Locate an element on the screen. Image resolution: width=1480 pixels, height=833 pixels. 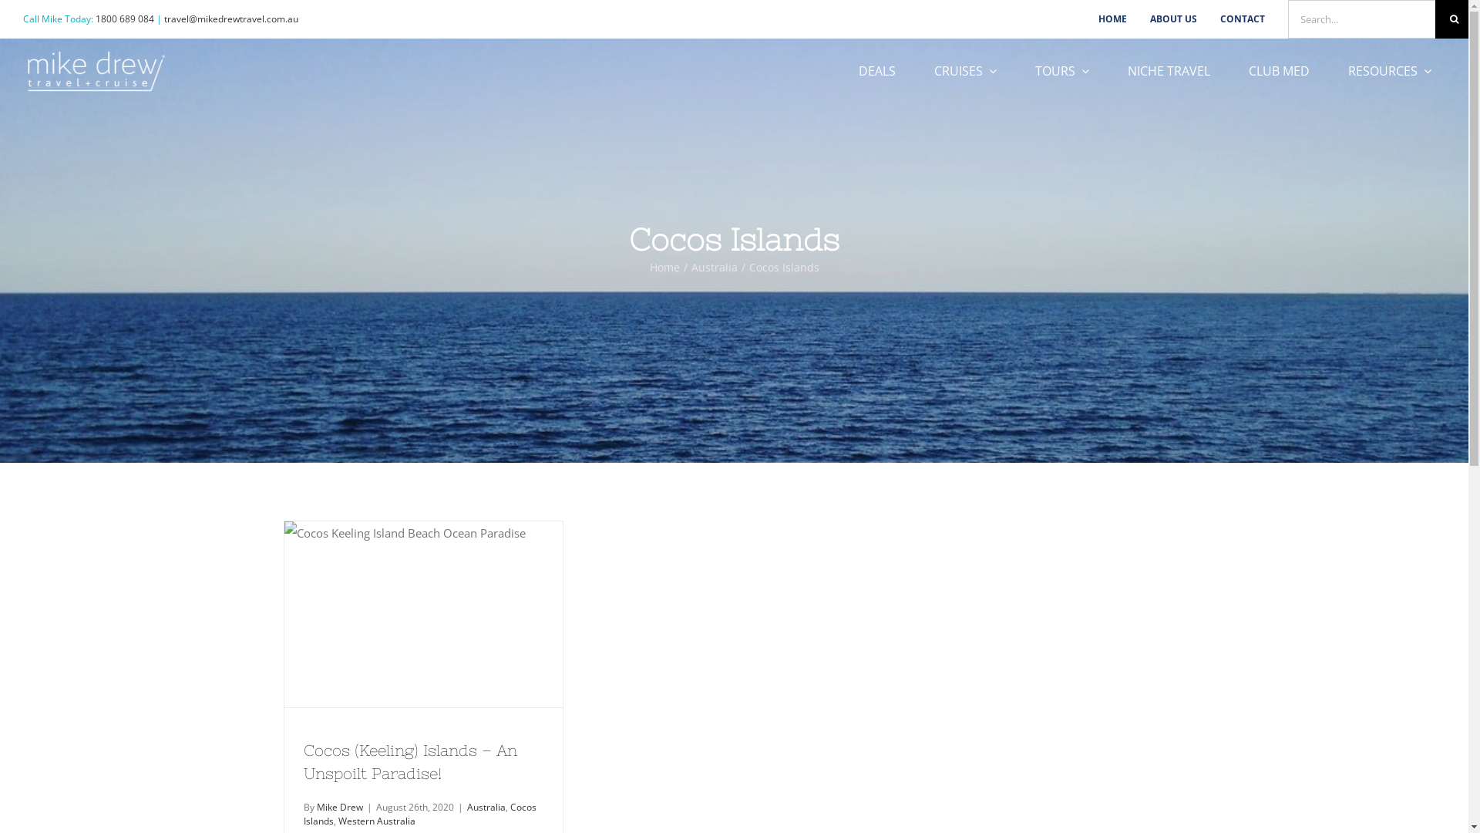
'HOME' is located at coordinates (1112, 19).